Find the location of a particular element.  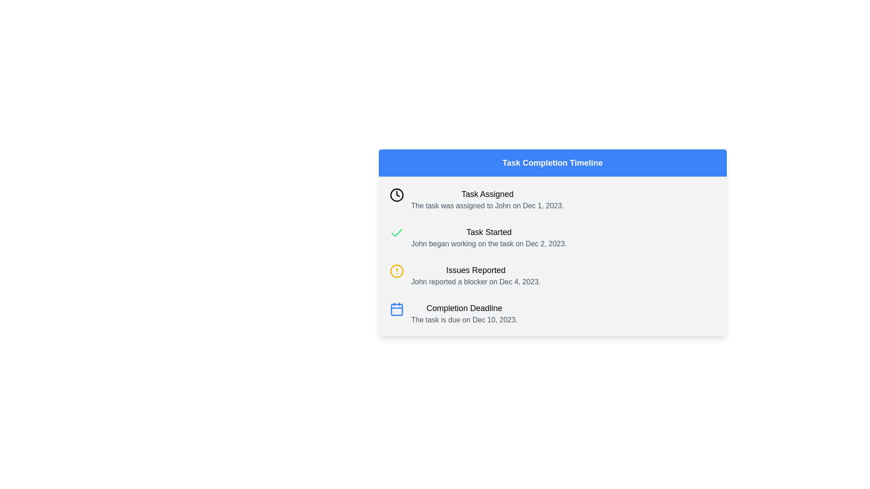

the SVG Circle representing the base of the clock icon for the 'Task Assigned' milestone, located left of the text indicating assignment details is located at coordinates (396, 195).